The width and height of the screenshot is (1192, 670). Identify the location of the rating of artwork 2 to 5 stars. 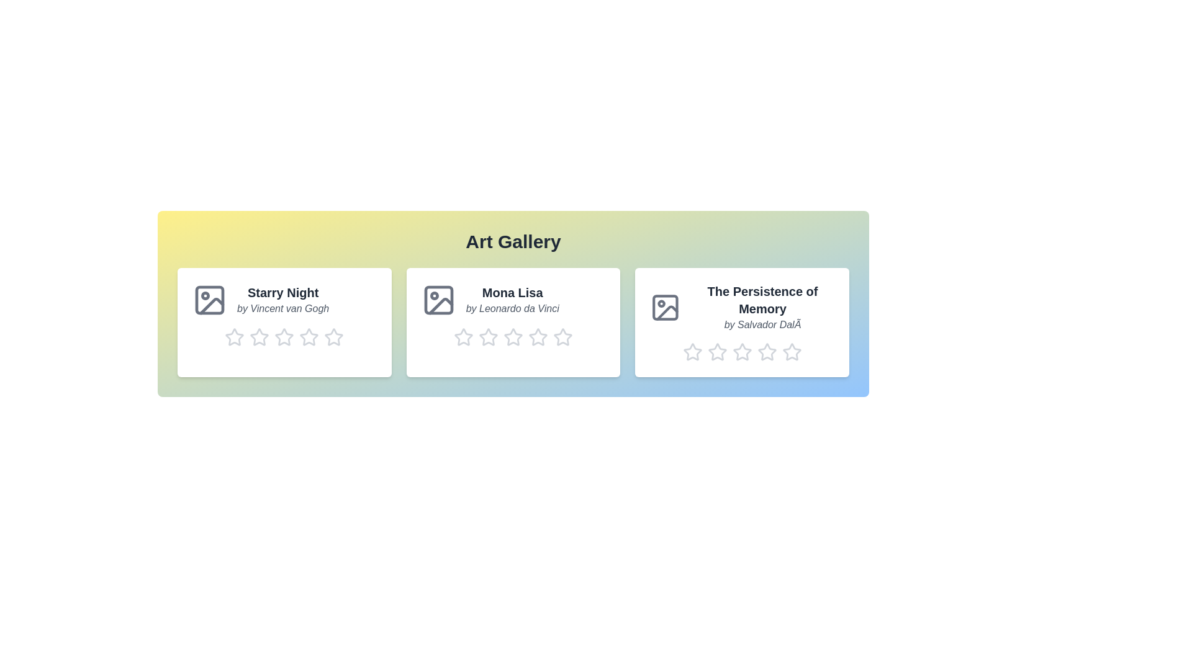
(553, 337).